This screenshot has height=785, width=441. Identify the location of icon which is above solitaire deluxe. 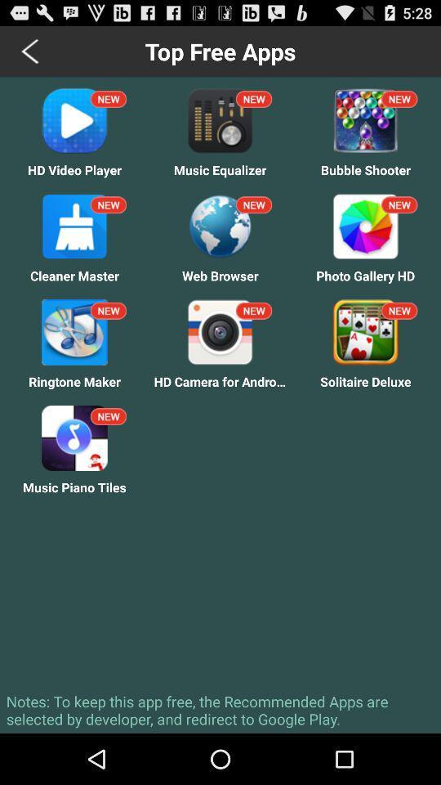
(365, 331).